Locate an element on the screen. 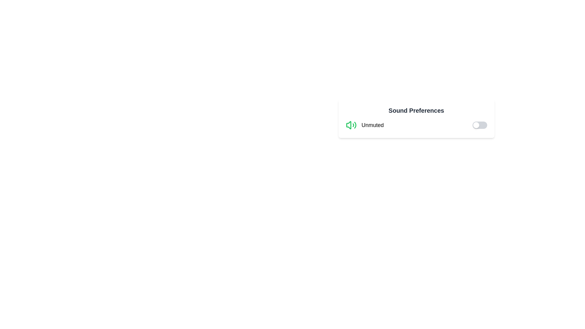 The height and width of the screenshot is (329, 585). the toggle switch located to the far right of the 'Sound Preferences' panel, aligned with the text 'Unmuted' is located at coordinates (479, 125).